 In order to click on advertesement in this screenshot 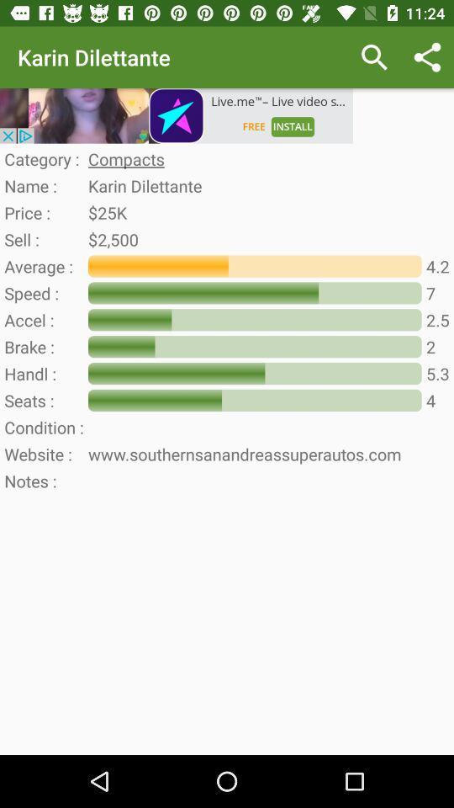, I will do `click(176, 114)`.